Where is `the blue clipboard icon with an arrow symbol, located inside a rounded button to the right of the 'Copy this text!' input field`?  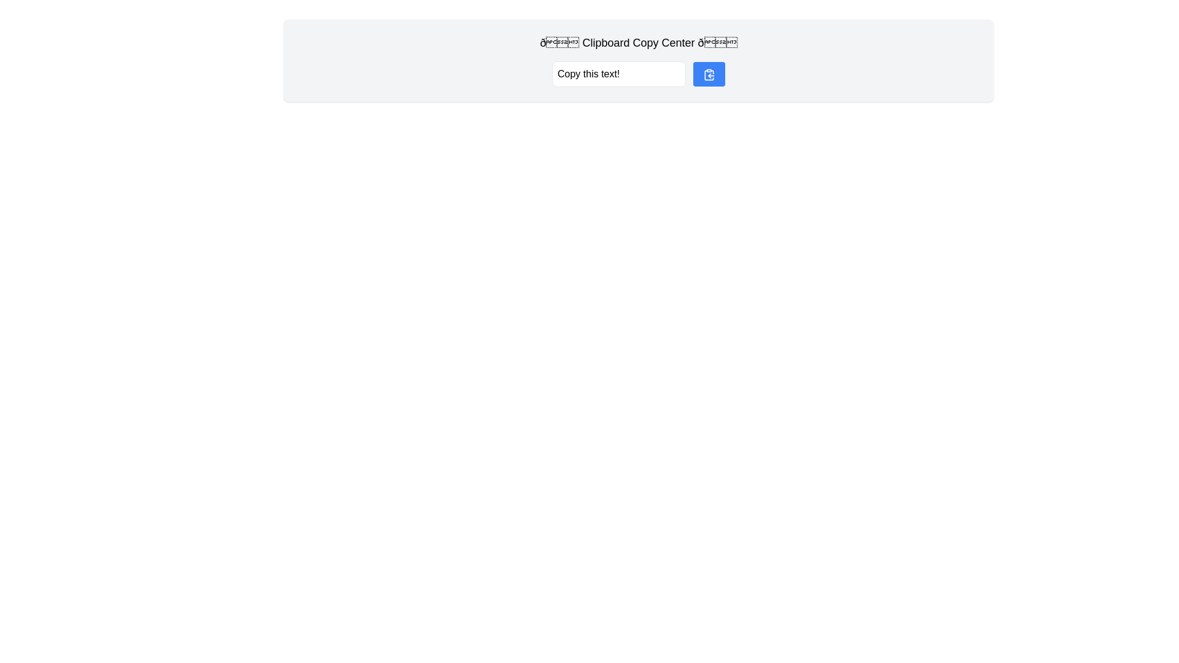 the blue clipboard icon with an arrow symbol, located inside a rounded button to the right of the 'Copy this text!' input field is located at coordinates (709, 74).